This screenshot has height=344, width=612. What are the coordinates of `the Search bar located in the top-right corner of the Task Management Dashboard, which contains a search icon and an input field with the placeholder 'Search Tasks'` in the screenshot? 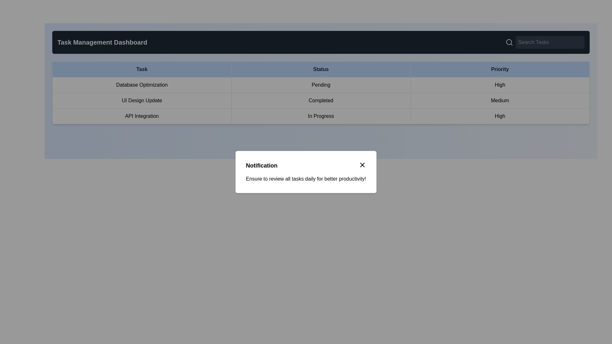 It's located at (544, 42).